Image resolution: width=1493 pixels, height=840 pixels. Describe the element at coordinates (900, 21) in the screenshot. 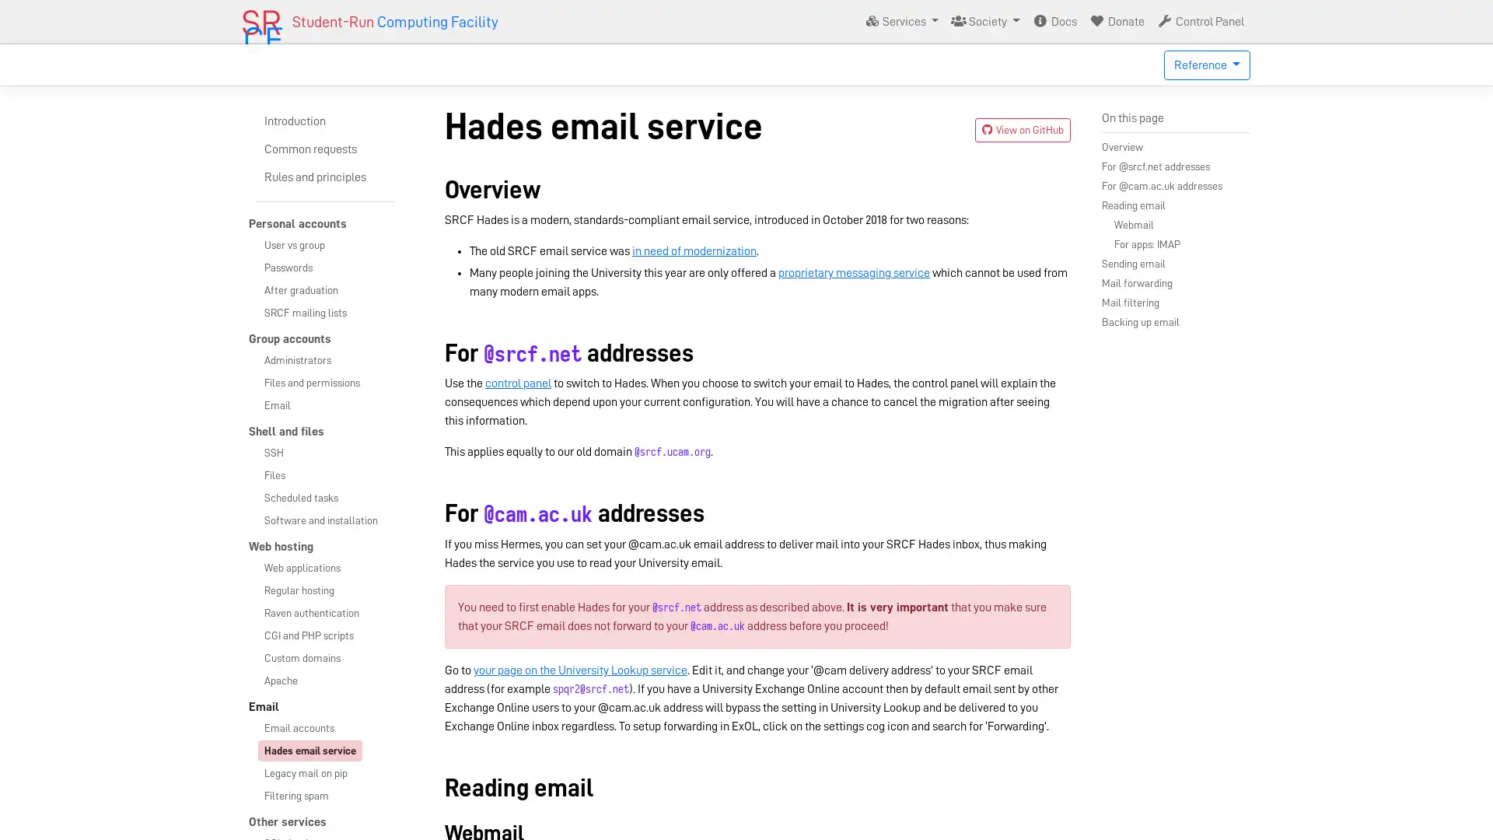

I see `Services` at that location.